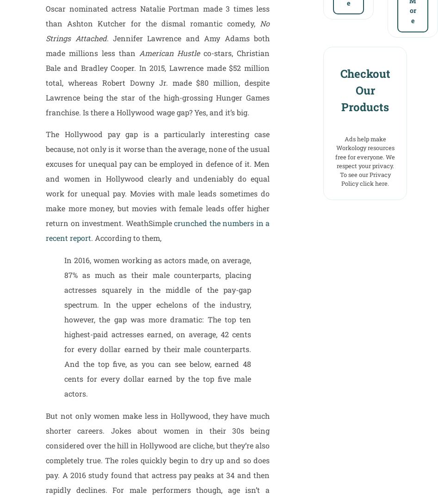 The width and height of the screenshot is (438, 498). Describe the element at coordinates (157, 229) in the screenshot. I see `'crunched the numbers in a recent report'` at that location.